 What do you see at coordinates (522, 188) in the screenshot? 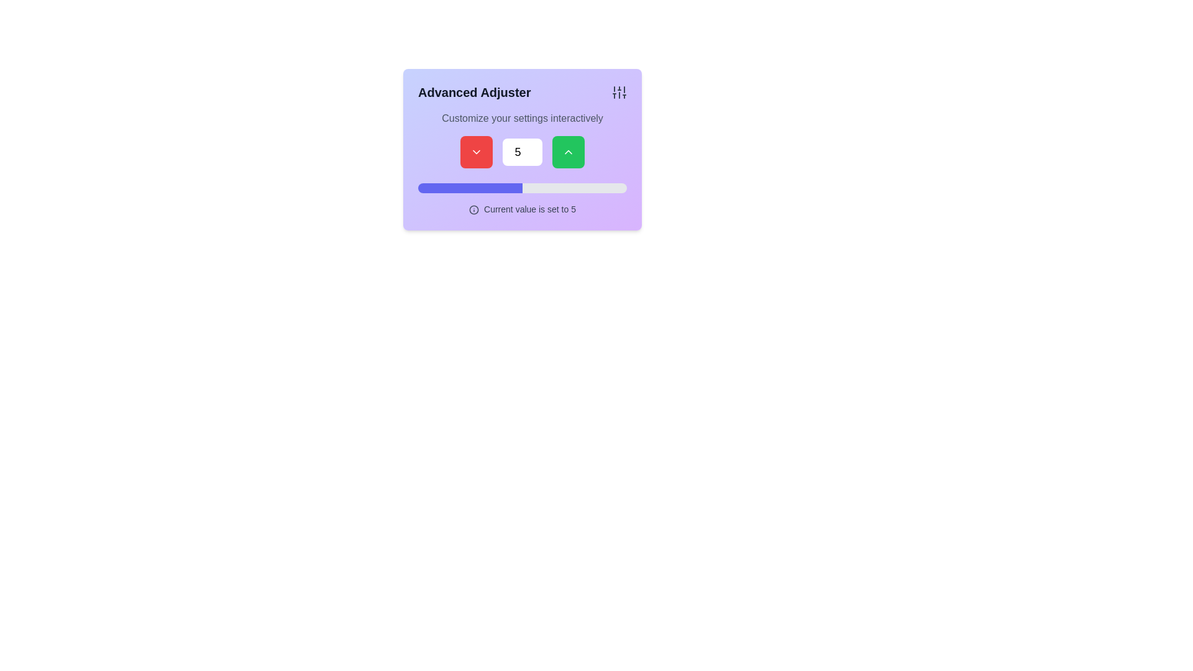
I see `the prominent horizontal progress bar positioned below the numeric input box and the up and down arrows` at bounding box center [522, 188].